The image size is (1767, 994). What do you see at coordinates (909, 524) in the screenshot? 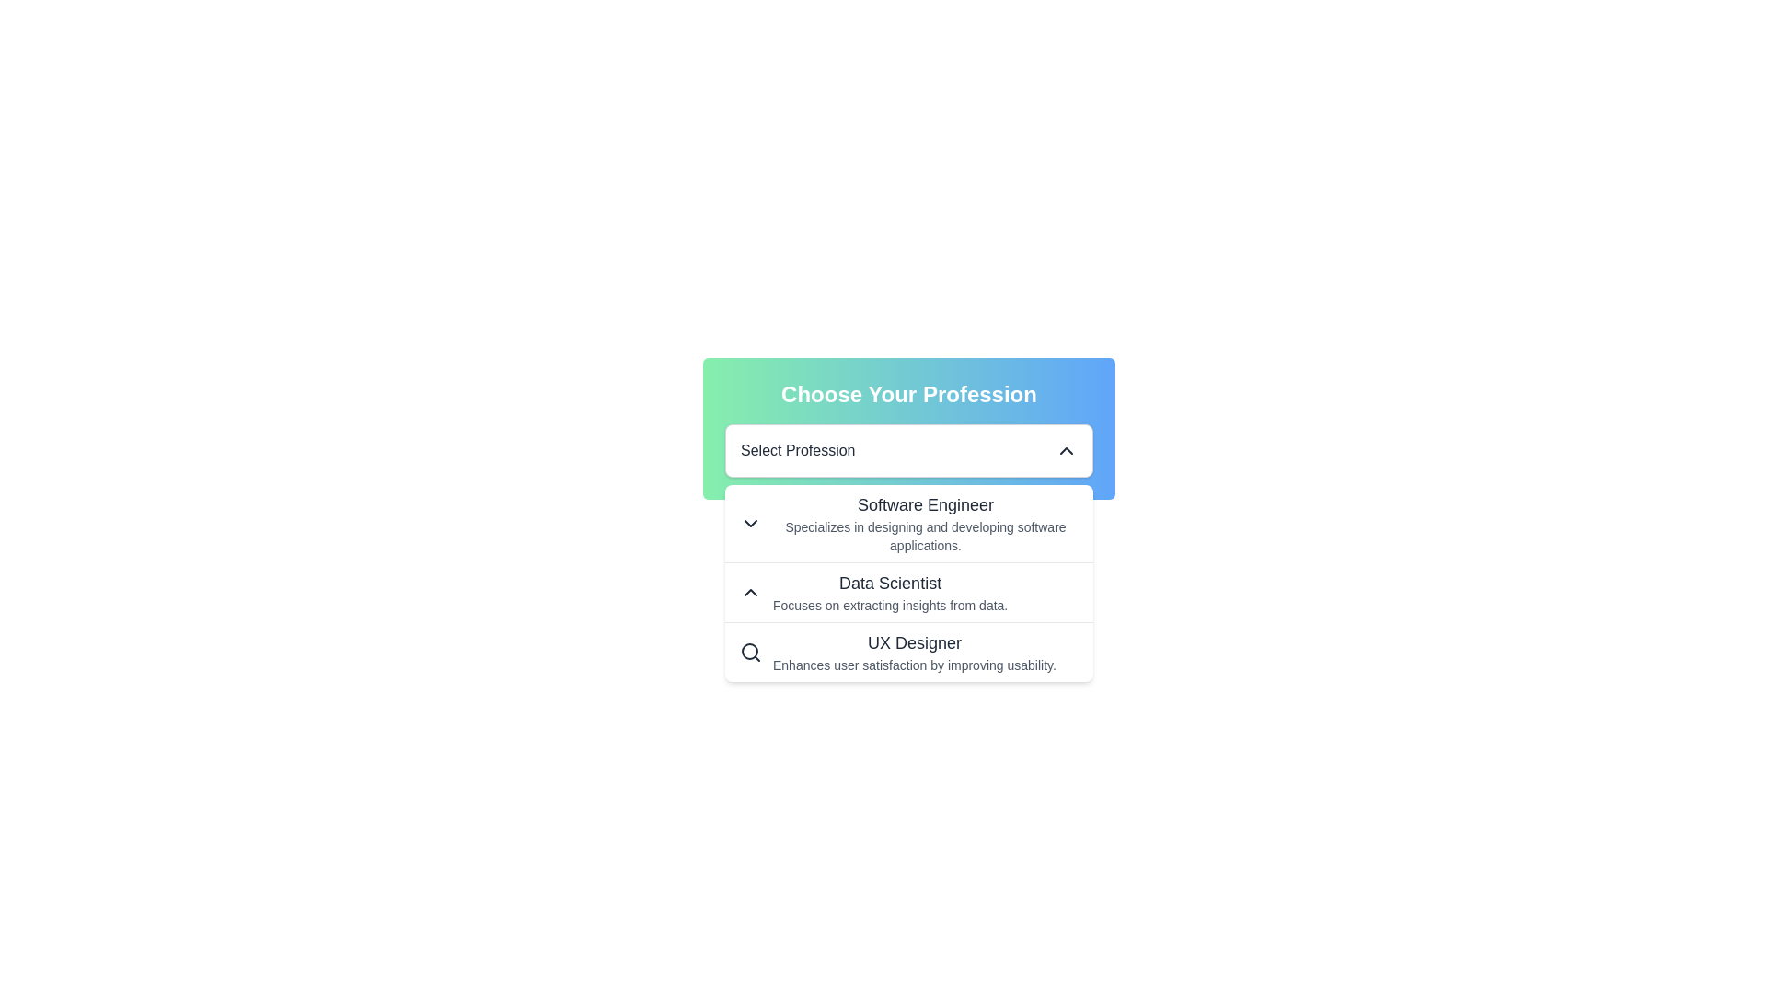
I see `the 'Software Engineer' dropdown menu item, which includes a downward-pointing triangular icon and descriptive text` at bounding box center [909, 524].